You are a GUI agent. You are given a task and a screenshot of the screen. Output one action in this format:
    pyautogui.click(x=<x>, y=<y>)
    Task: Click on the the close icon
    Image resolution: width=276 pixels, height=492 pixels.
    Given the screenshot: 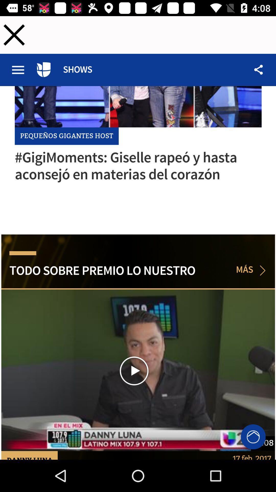 What is the action you would take?
    pyautogui.click(x=14, y=35)
    